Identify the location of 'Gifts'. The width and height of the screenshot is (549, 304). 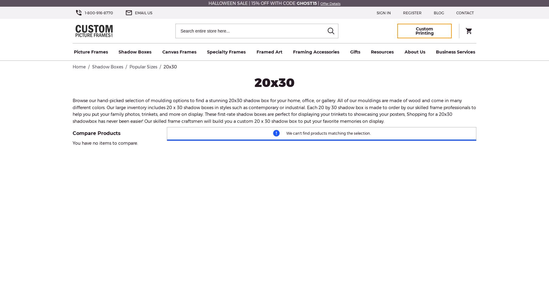
(354, 52).